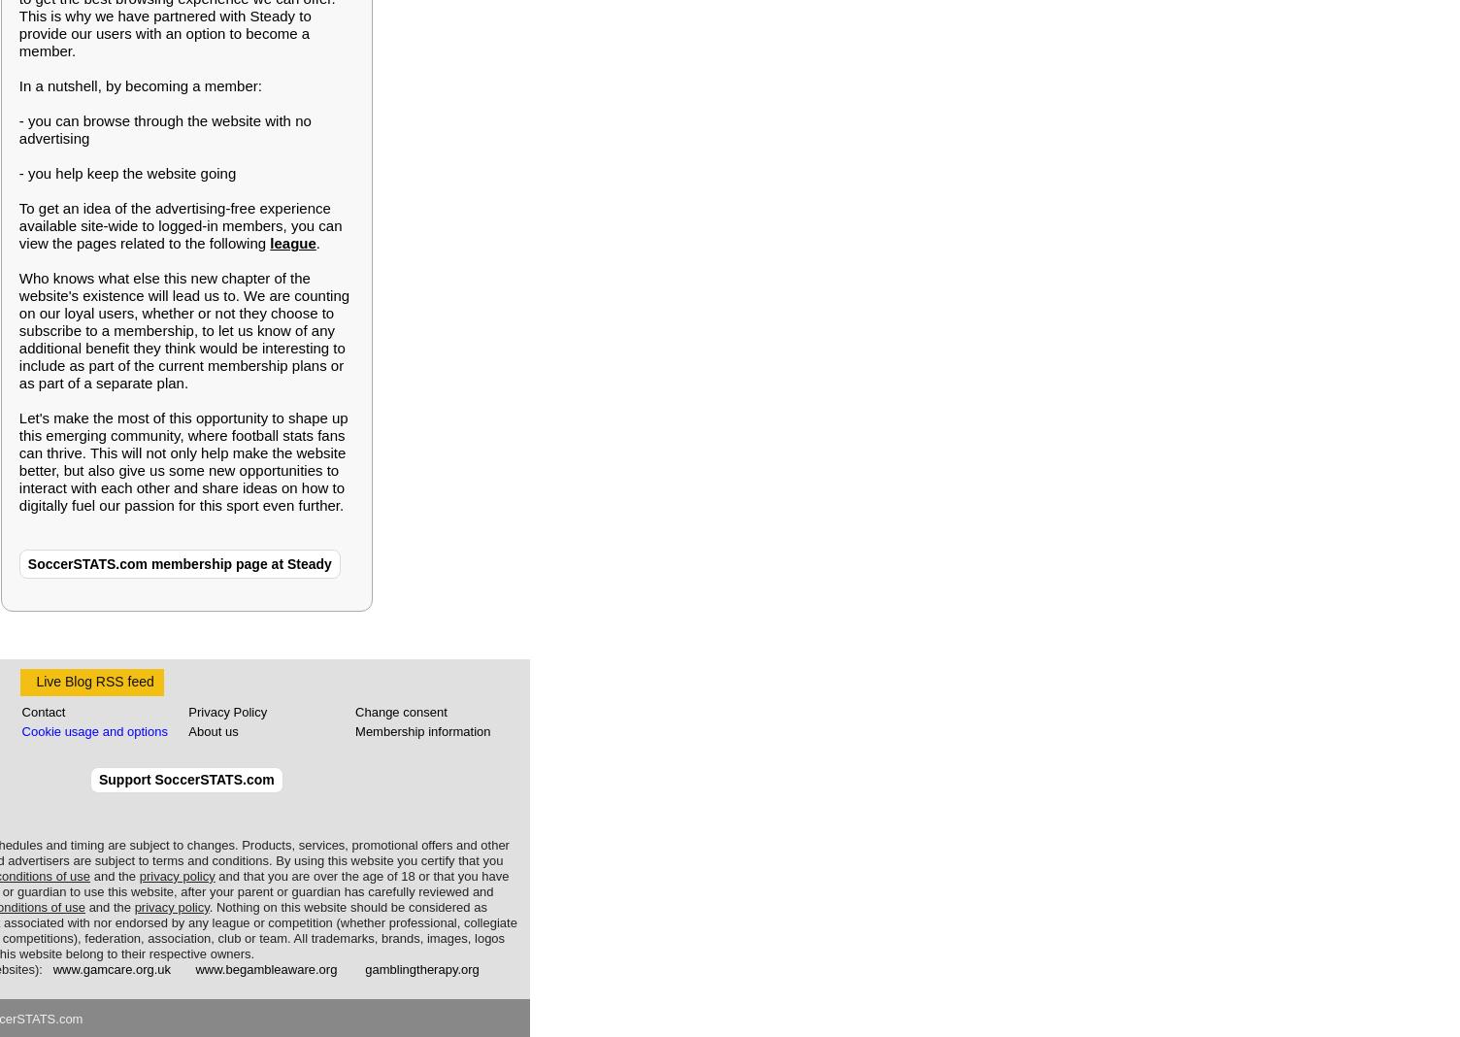 This screenshot has width=1460, height=1037. Describe the element at coordinates (179, 225) in the screenshot. I see `'To get an idea of the advertising-free experience available site-wide to logged-in members, you can view the pages related to the following'` at that location.